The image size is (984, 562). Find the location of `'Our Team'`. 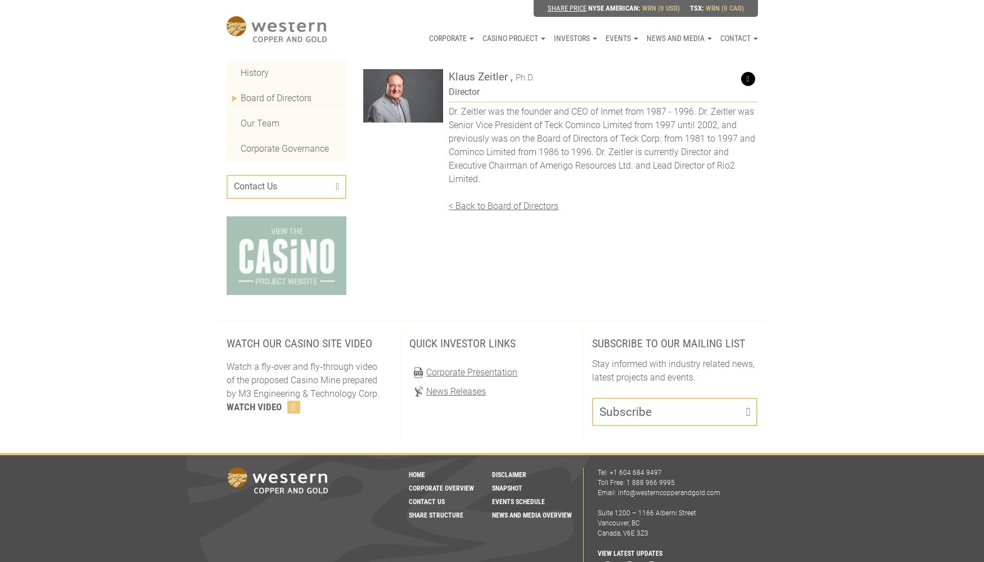

'Our Team' is located at coordinates (259, 123).